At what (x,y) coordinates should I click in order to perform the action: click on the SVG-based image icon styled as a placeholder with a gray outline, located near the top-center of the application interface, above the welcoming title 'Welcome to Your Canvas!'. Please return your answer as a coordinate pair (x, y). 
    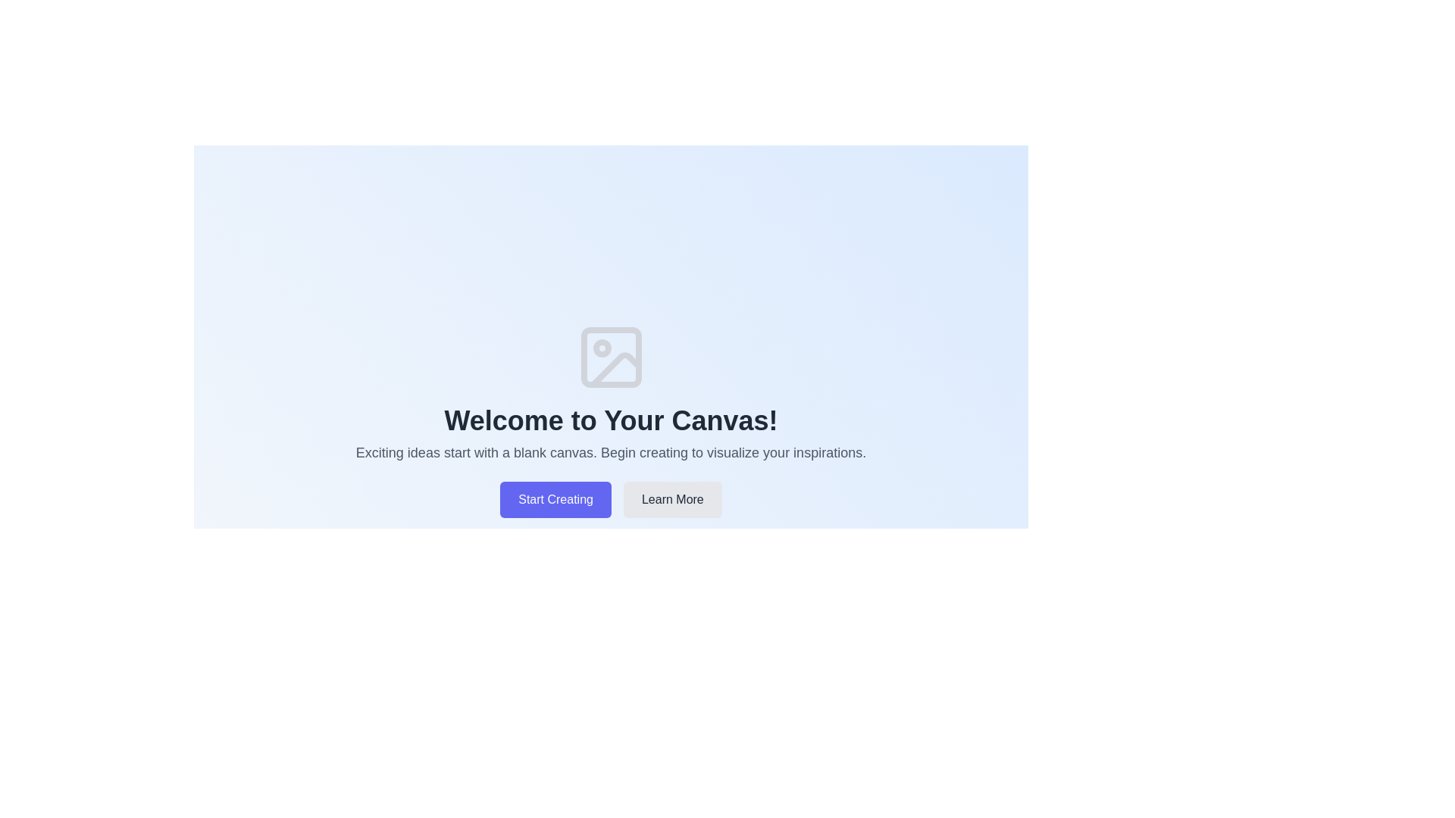
    Looking at the image, I should click on (611, 357).